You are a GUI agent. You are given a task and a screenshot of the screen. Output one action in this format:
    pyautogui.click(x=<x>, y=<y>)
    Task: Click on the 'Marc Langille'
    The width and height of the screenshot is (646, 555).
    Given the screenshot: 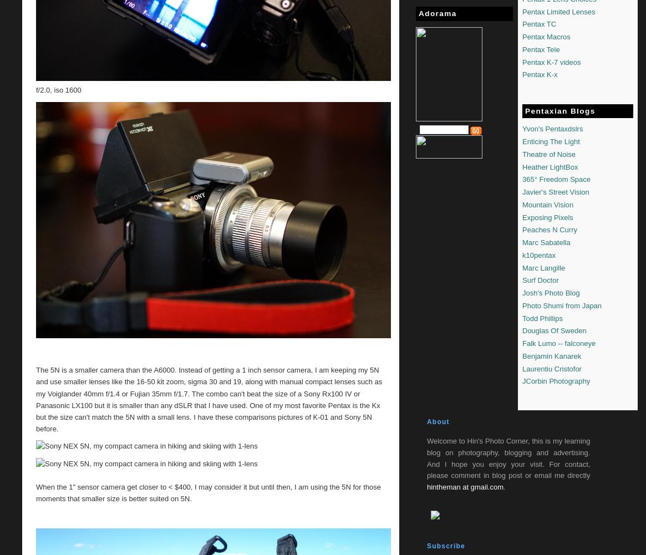 What is the action you would take?
    pyautogui.click(x=522, y=267)
    